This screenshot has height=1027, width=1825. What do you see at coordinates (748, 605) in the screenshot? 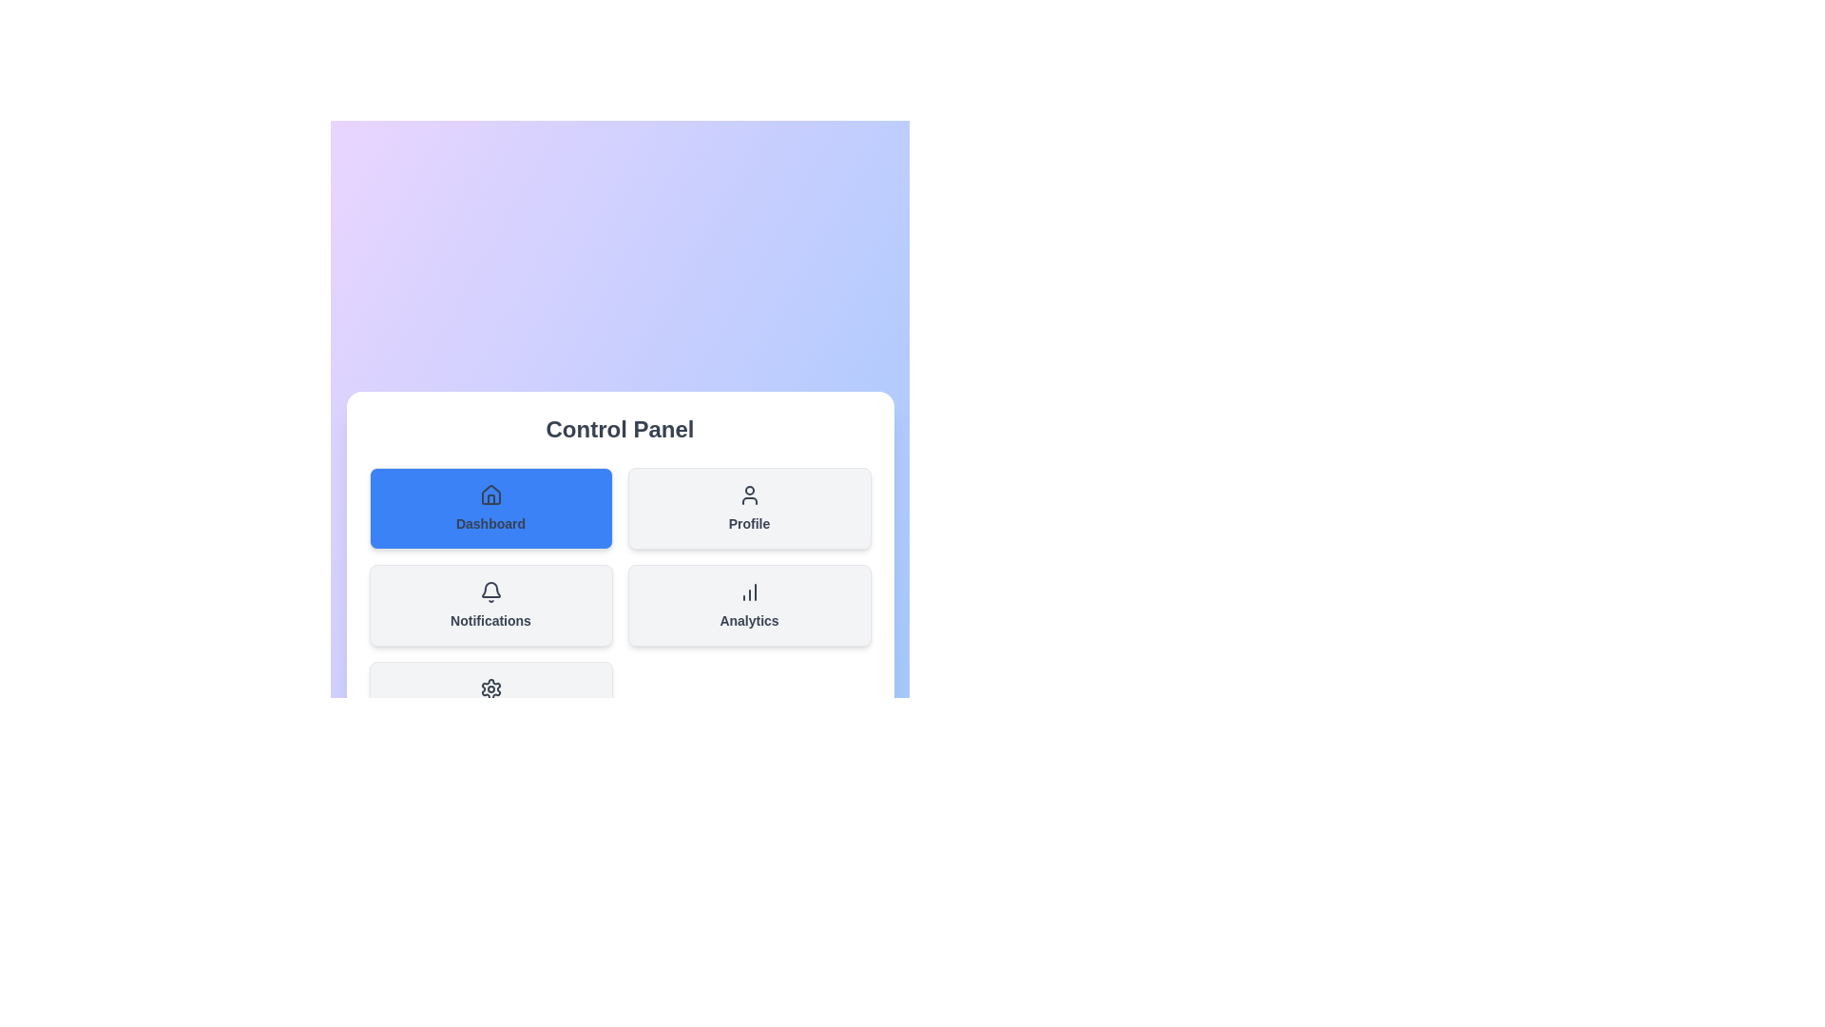
I see `the section Analytics from the menu by clicking its corresponding button` at bounding box center [748, 605].